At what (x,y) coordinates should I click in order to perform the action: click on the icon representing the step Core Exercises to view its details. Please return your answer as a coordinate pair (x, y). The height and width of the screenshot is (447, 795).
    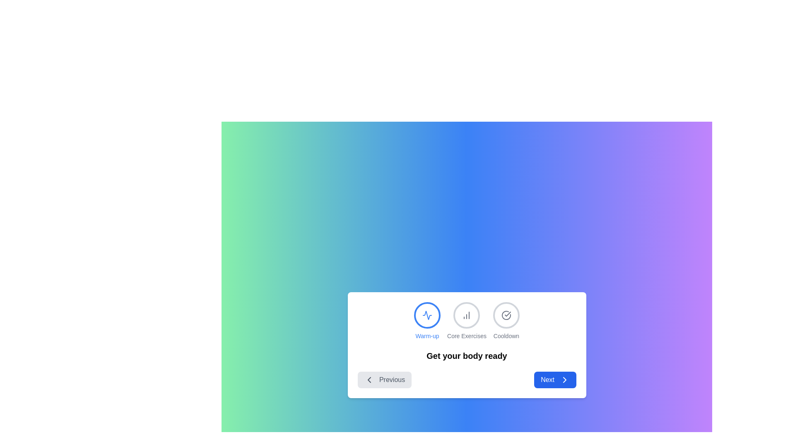
    Looking at the image, I should click on (467, 315).